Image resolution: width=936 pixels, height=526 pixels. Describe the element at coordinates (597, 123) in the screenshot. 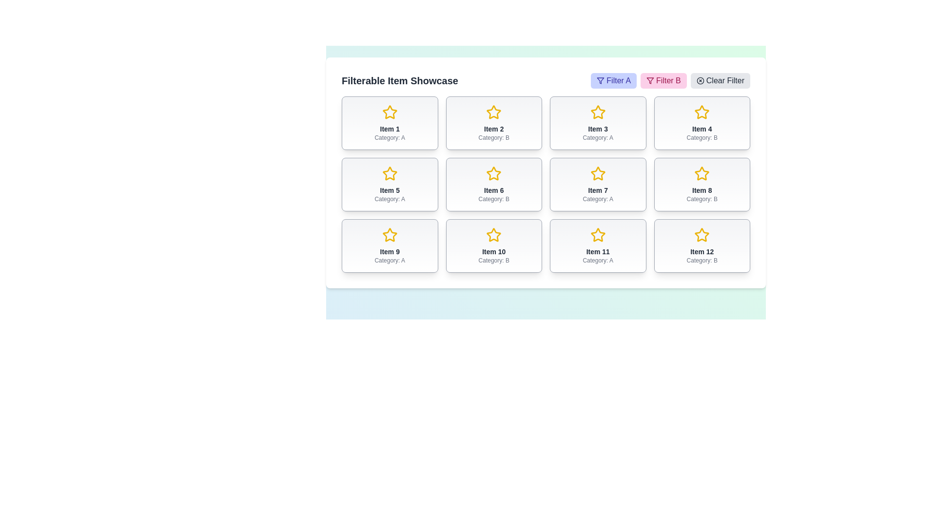

I see `the card element displaying 'Item 3' with a yellow star icon at the top, located in the first row and third column of the grid layout` at that location.